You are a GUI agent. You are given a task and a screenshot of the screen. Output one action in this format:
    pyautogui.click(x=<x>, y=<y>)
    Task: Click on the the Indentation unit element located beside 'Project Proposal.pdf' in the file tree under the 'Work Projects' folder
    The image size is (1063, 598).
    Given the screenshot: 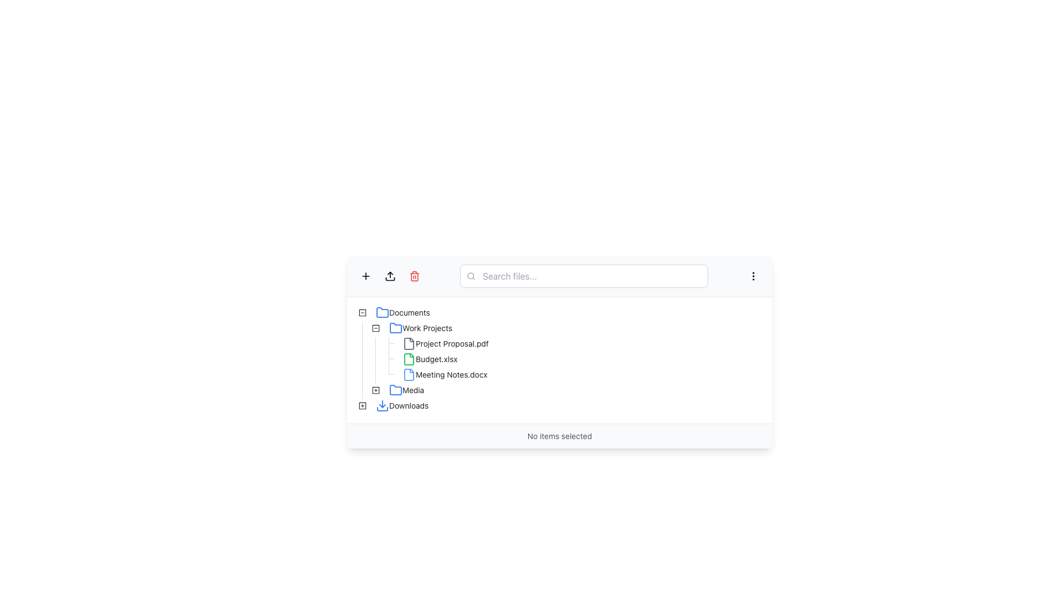 What is the action you would take?
    pyautogui.click(x=369, y=343)
    